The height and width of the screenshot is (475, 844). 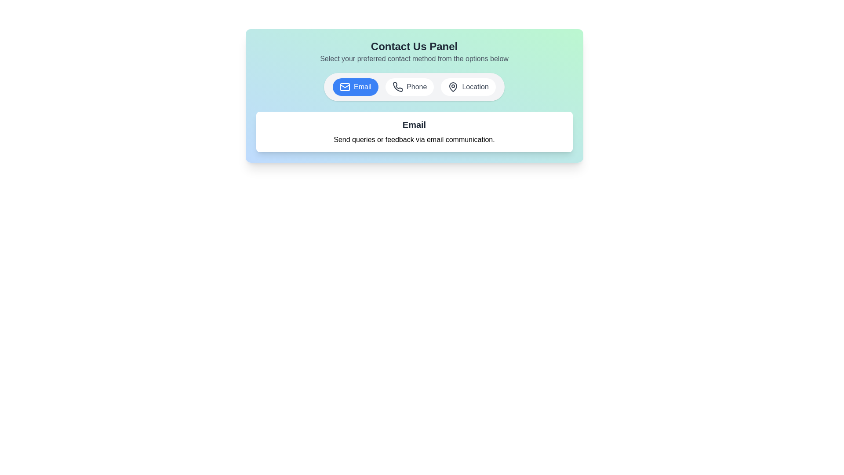 I want to click on the envelope icon component within the circular button labeled 'Email', located in the center of the row of three buttons, so click(x=345, y=86).